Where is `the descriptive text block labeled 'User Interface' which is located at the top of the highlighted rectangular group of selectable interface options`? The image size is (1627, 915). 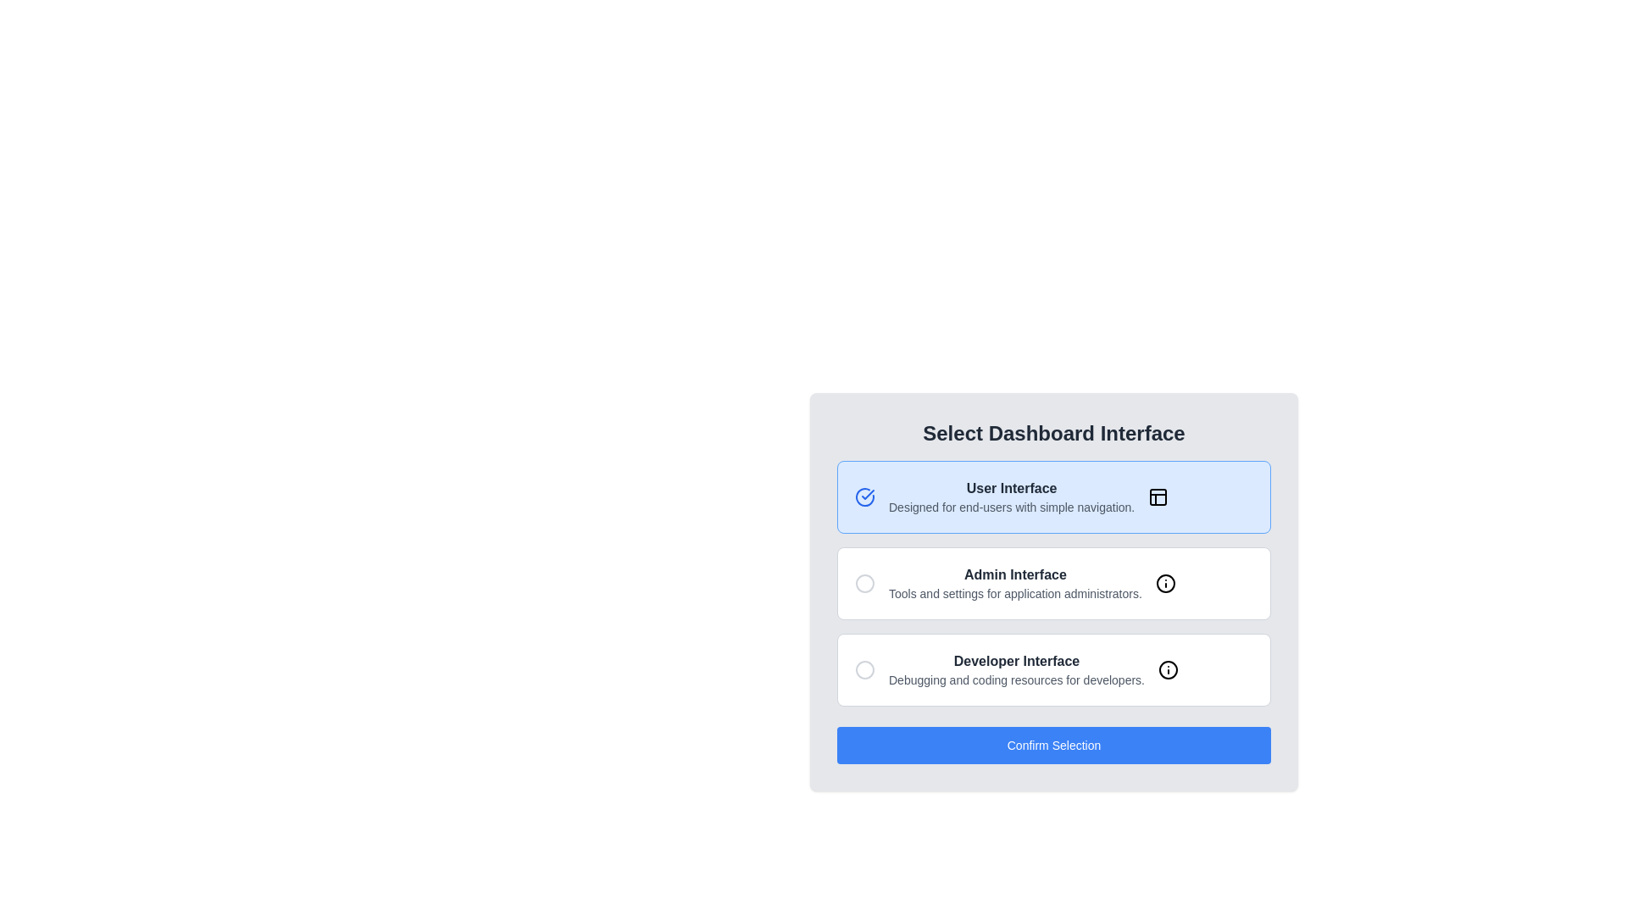
the descriptive text block labeled 'User Interface' which is located at the top of the highlighted rectangular group of selectable interface options is located at coordinates (1012, 496).